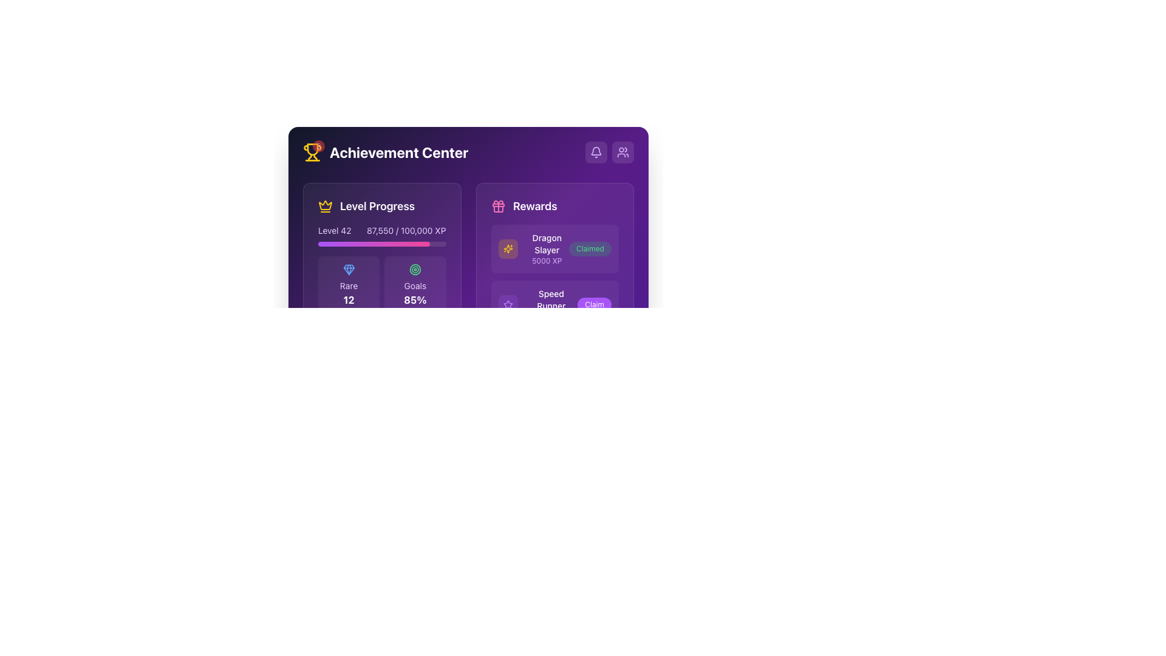 This screenshot has width=1166, height=656. Describe the element at coordinates (623, 151) in the screenshot. I see `the user-related action icon located in the top-right corner of the main interface, adjacent to the bell icon` at that location.